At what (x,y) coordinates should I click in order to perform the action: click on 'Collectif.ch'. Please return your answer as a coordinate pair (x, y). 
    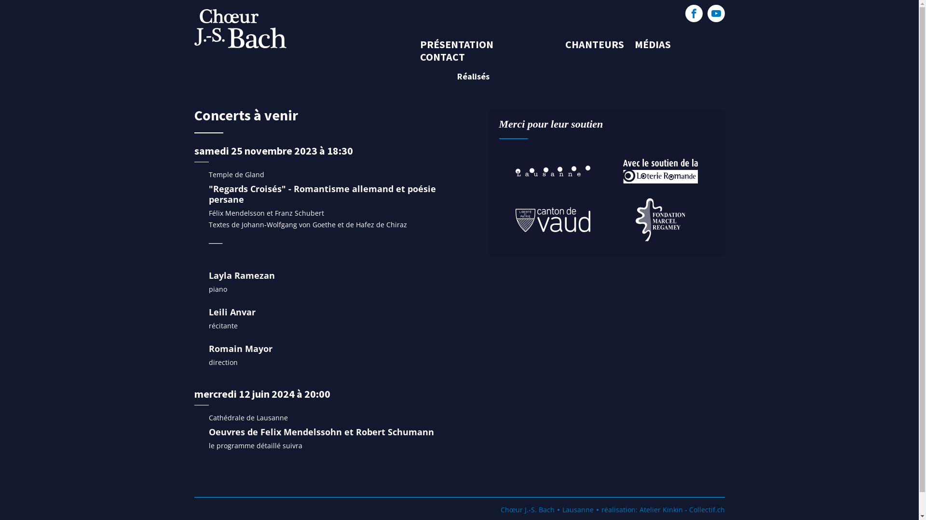
    Looking at the image, I should click on (706, 509).